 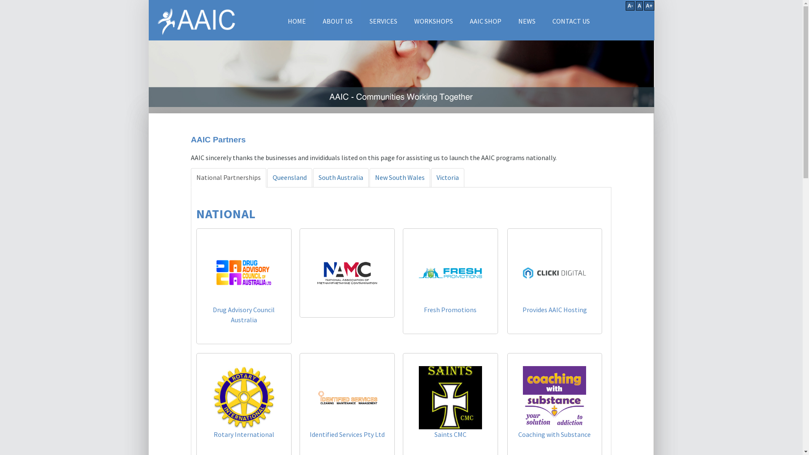 I want to click on 'Rotary International', so click(x=244, y=434).